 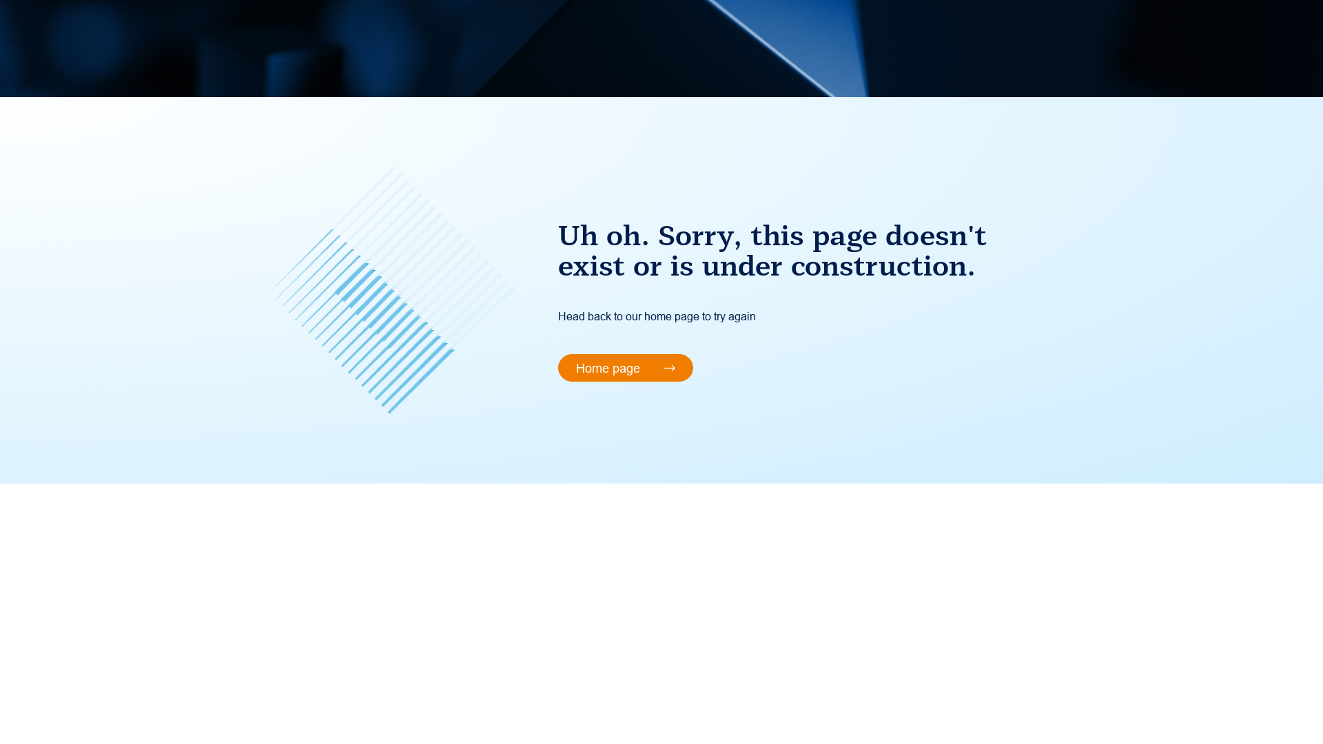 What do you see at coordinates (624, 366) in the screenshot?
I see `'Home page '` at bounding box center [624, 366].